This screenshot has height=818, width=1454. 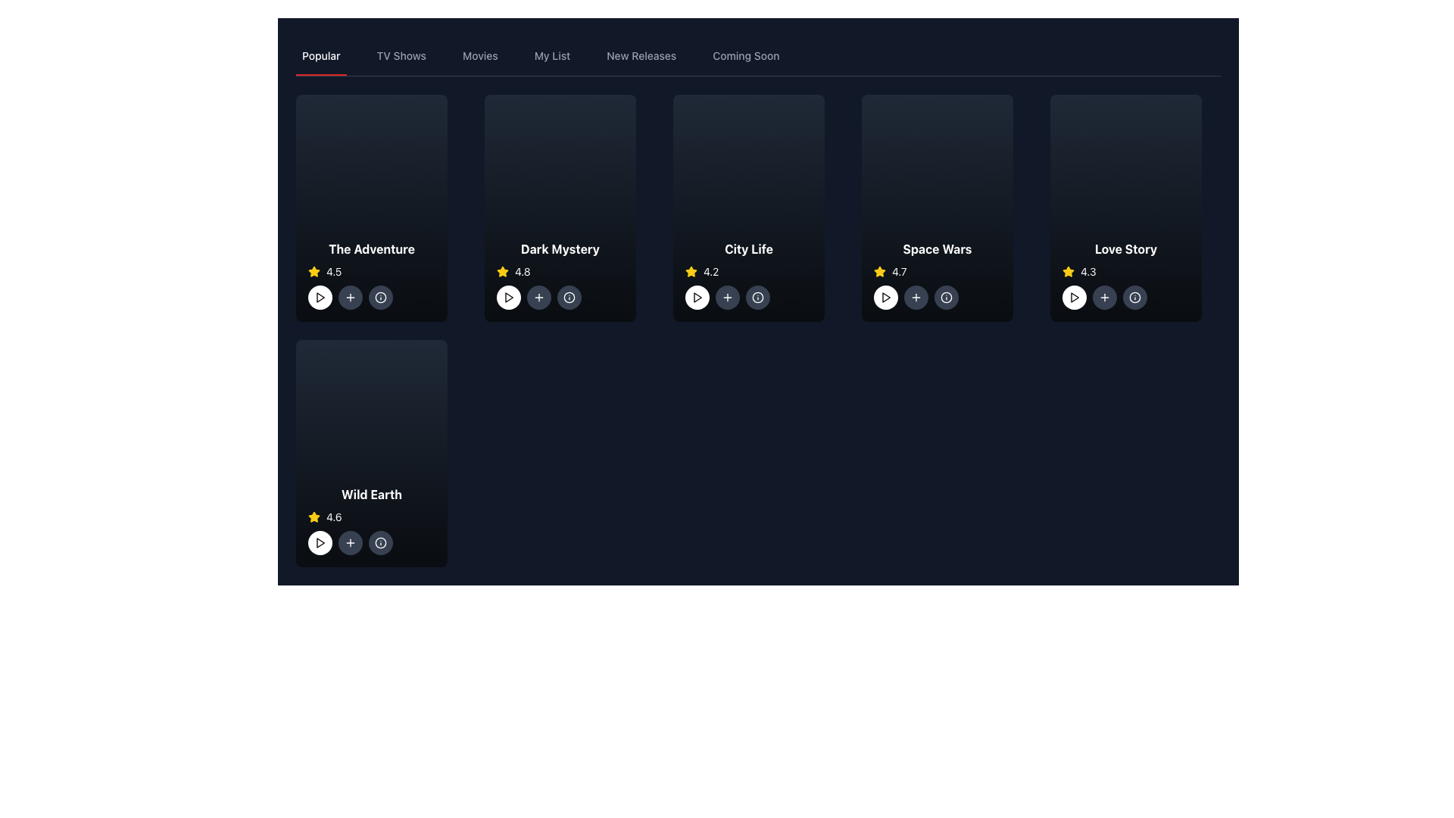 What do you see at coordinates (569, 298) in the screenshot?
I see `the third small button located at the bottom right of the 'Dark Mystery' item card in the grid` at bounding box center [569, 298].